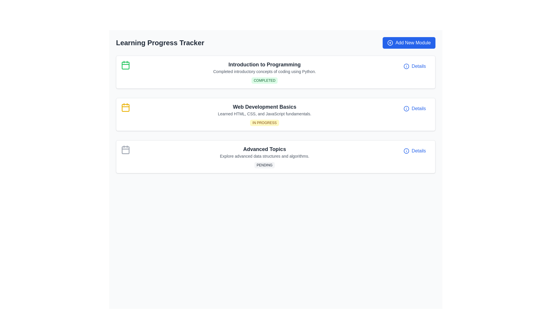 The height and width of the screenshot is (313, 557). I want to click on the icon next to the 'Details' label in the 'Advanced Topics' card, so click(406, 150).